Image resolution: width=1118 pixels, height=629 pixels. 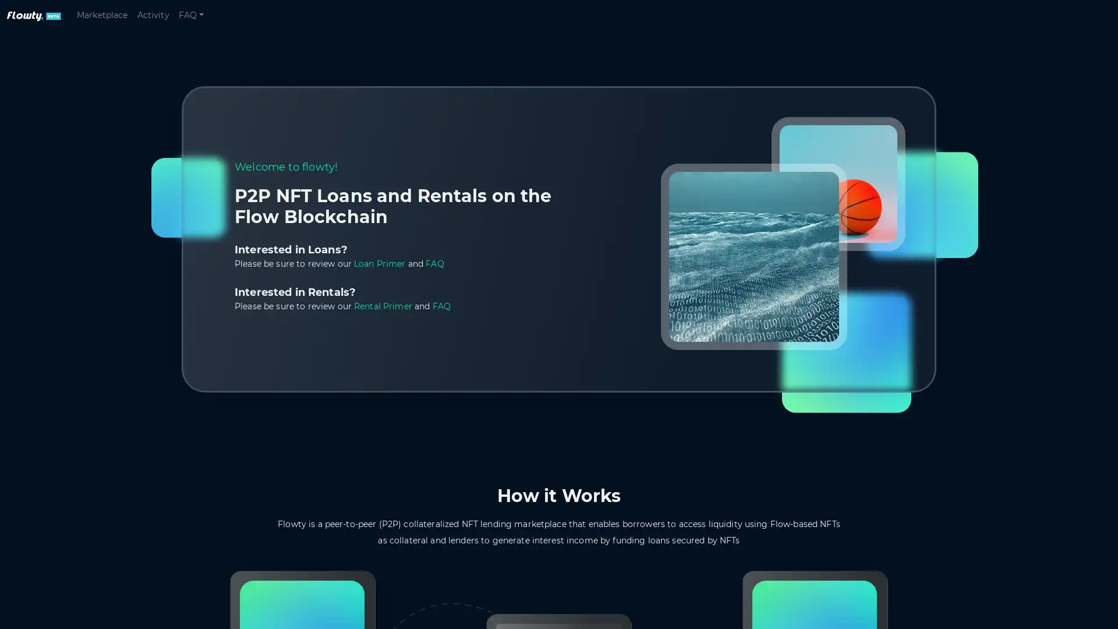 I want to click on Activity, so click(x=152, y=19).